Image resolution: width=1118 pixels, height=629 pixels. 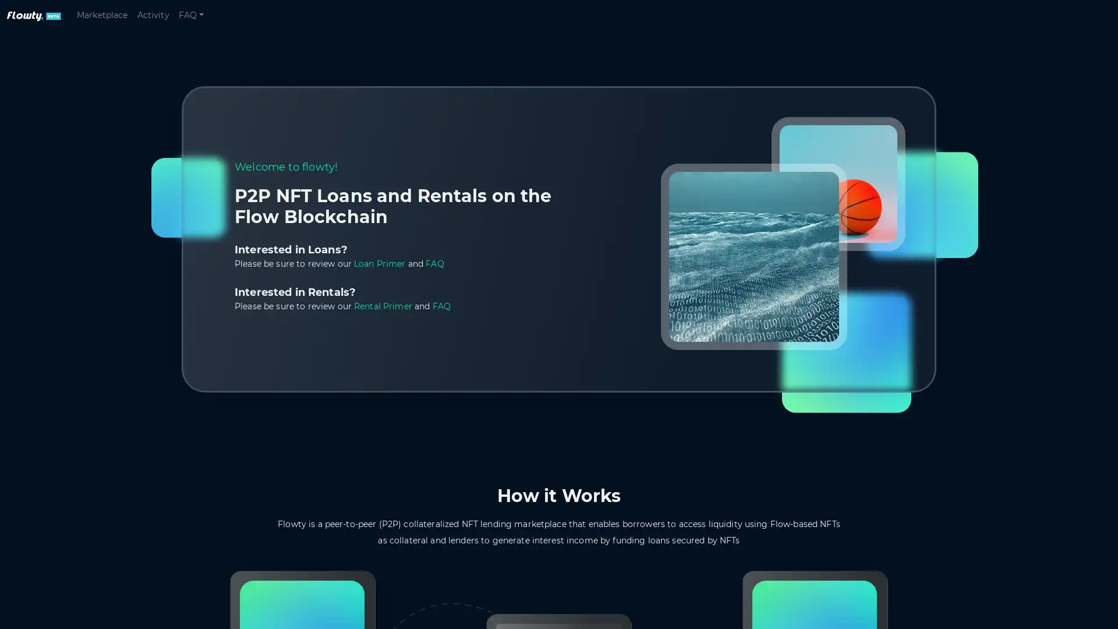 I want to click on Activity, so click(x=152, y=19).